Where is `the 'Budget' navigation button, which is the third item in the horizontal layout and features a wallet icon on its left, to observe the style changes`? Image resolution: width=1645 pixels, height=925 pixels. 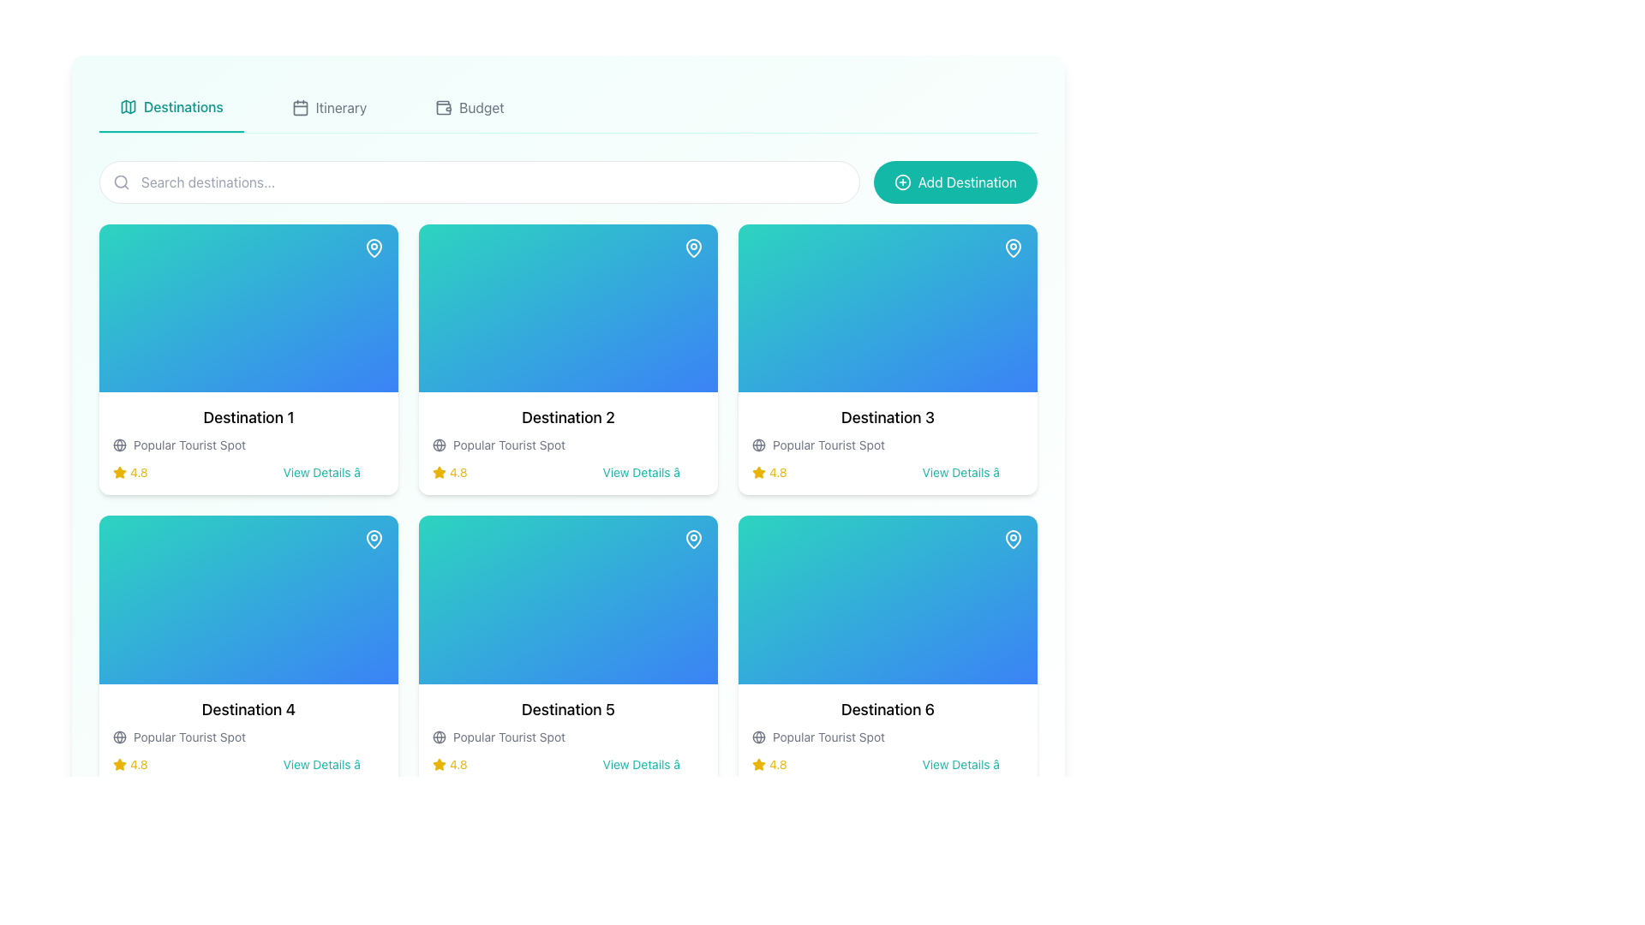 the 'Budget' navigation button, which is the third item in the horizontal layout and features a wallet icon on its left, to observe the style changes is located at coordinates (470, 108).